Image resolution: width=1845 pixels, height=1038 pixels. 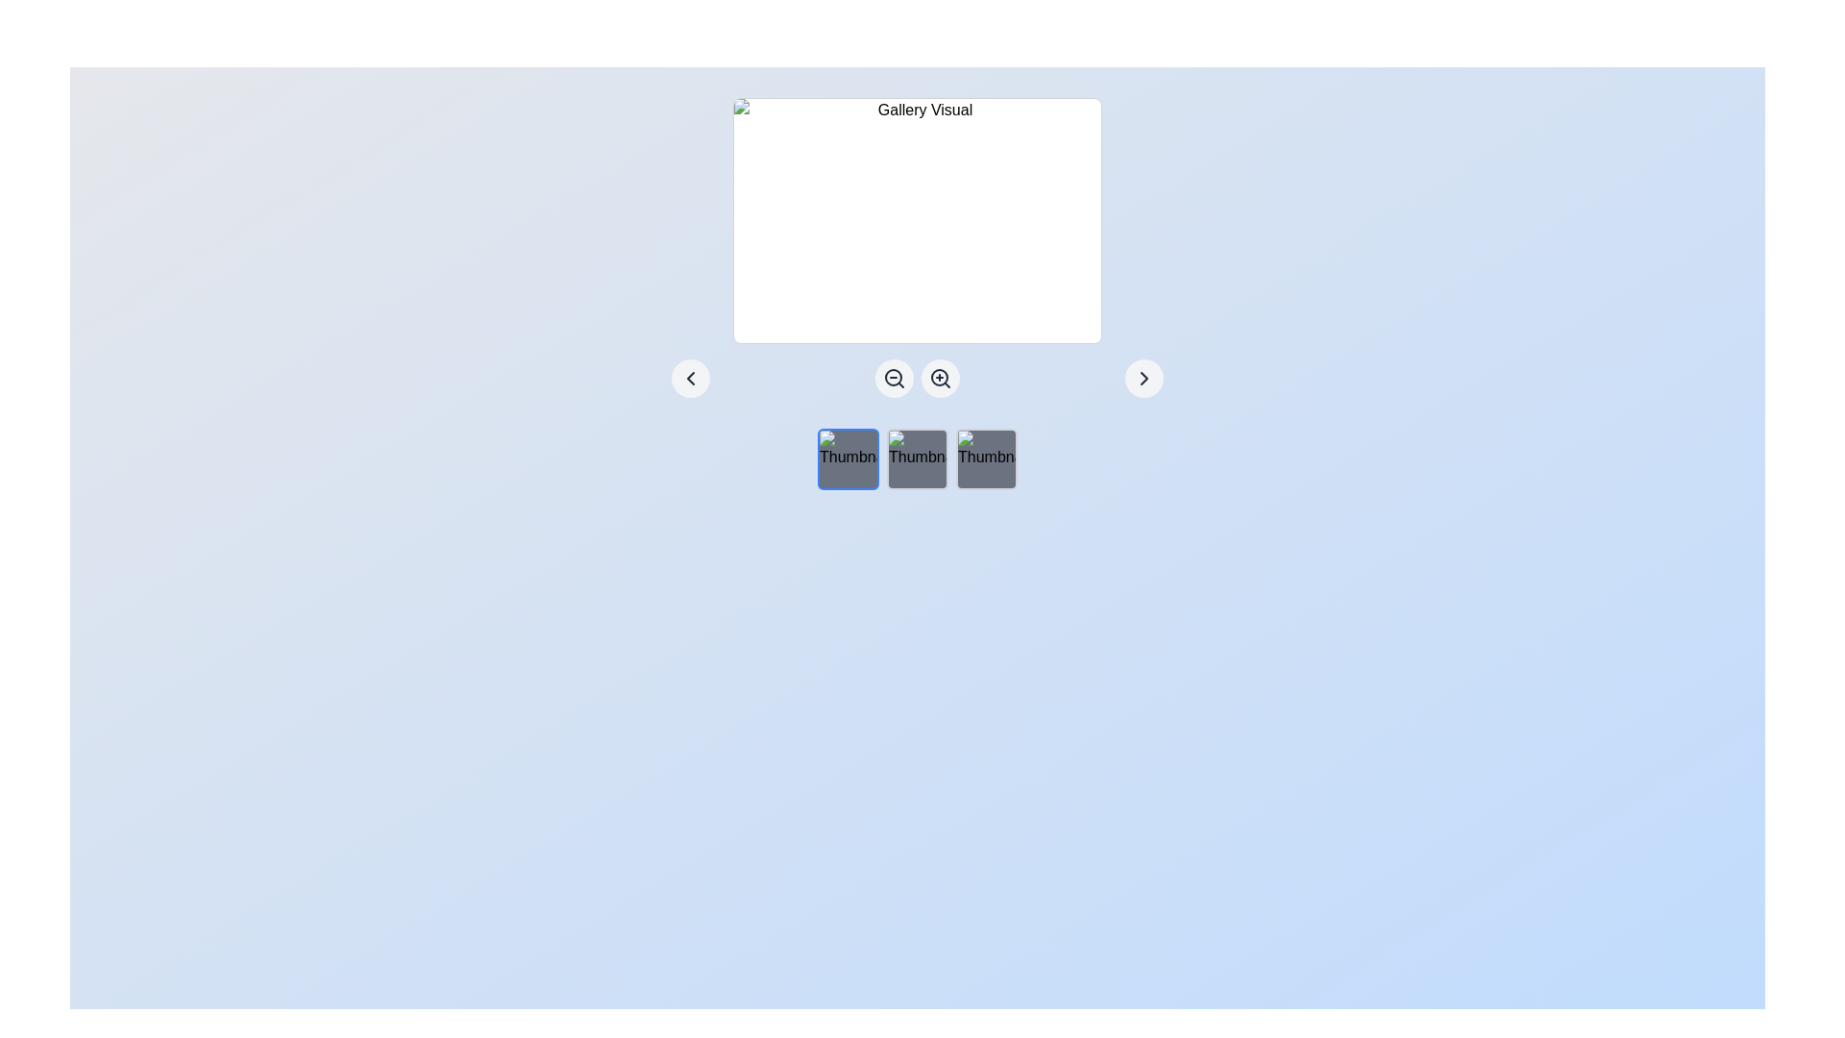 What do you see at coordinates (917, 459) in the screenshot?
I see `the middle thumbnail in the horizontal list of three thumbnails` at bounding box center [917, 459].